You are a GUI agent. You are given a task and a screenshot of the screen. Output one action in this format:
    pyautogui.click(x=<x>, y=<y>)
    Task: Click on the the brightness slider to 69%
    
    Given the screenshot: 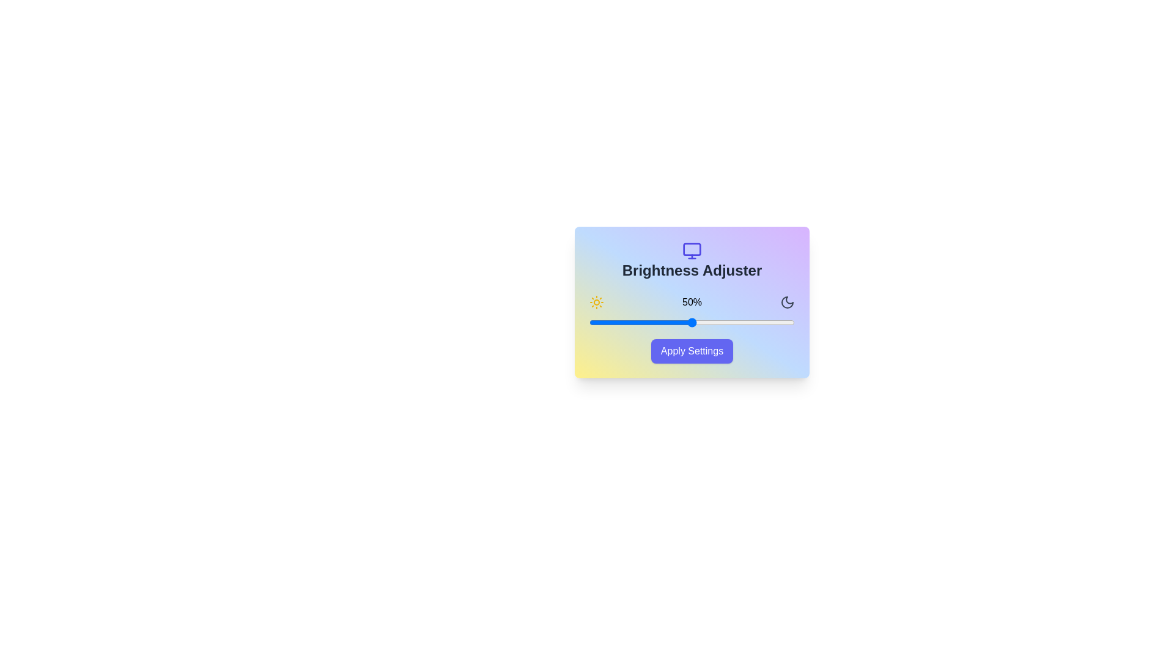 What is the action you would take?
    pyautogui.click(x=731, y=322)
    